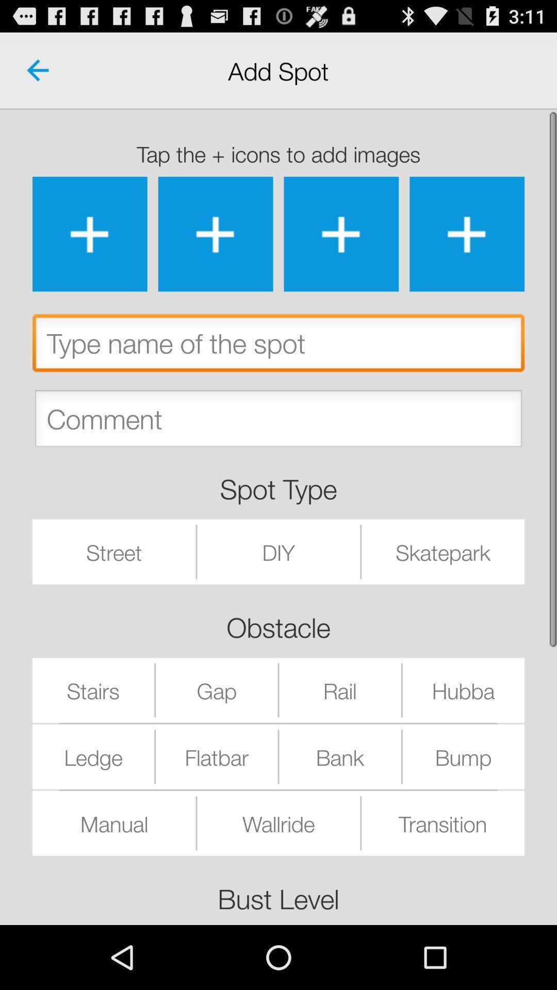 This screenshot has height=990, width=557. Describe the element at coordinates (463, 756) in the screenshot. I see `the bump icon` at that location.